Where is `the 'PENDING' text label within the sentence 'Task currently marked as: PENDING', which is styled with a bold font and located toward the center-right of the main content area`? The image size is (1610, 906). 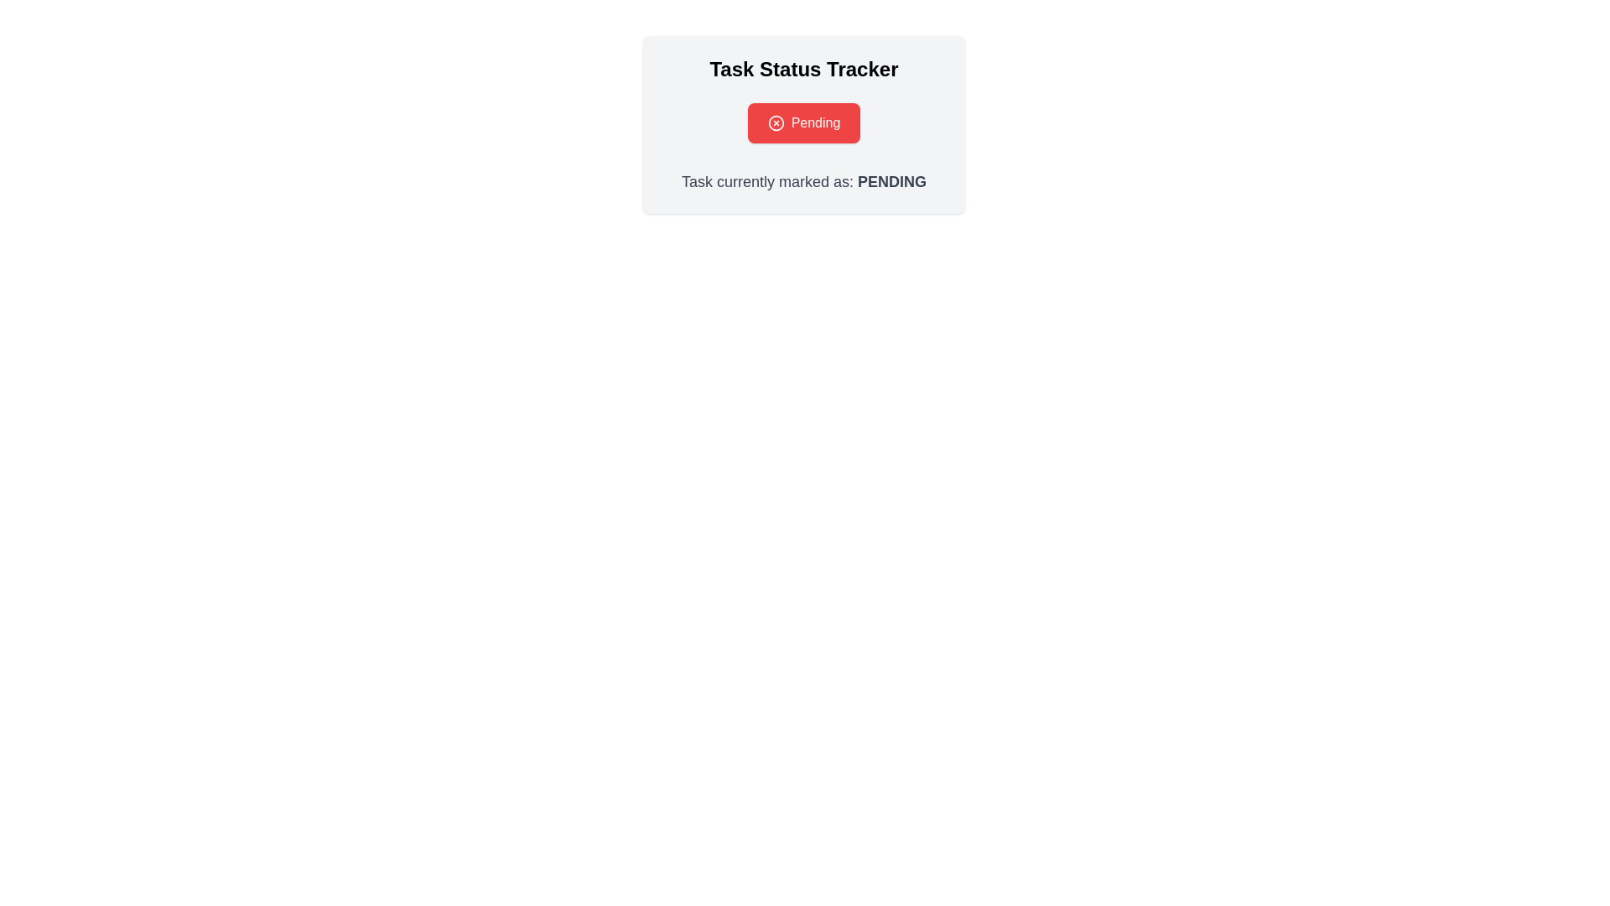
the 'PENDING' text label within the sentence 'Task currently marked as: PENDING', which is styled with a bold font and located toward the center-right of the main content area is located at coordinates (891, 181).